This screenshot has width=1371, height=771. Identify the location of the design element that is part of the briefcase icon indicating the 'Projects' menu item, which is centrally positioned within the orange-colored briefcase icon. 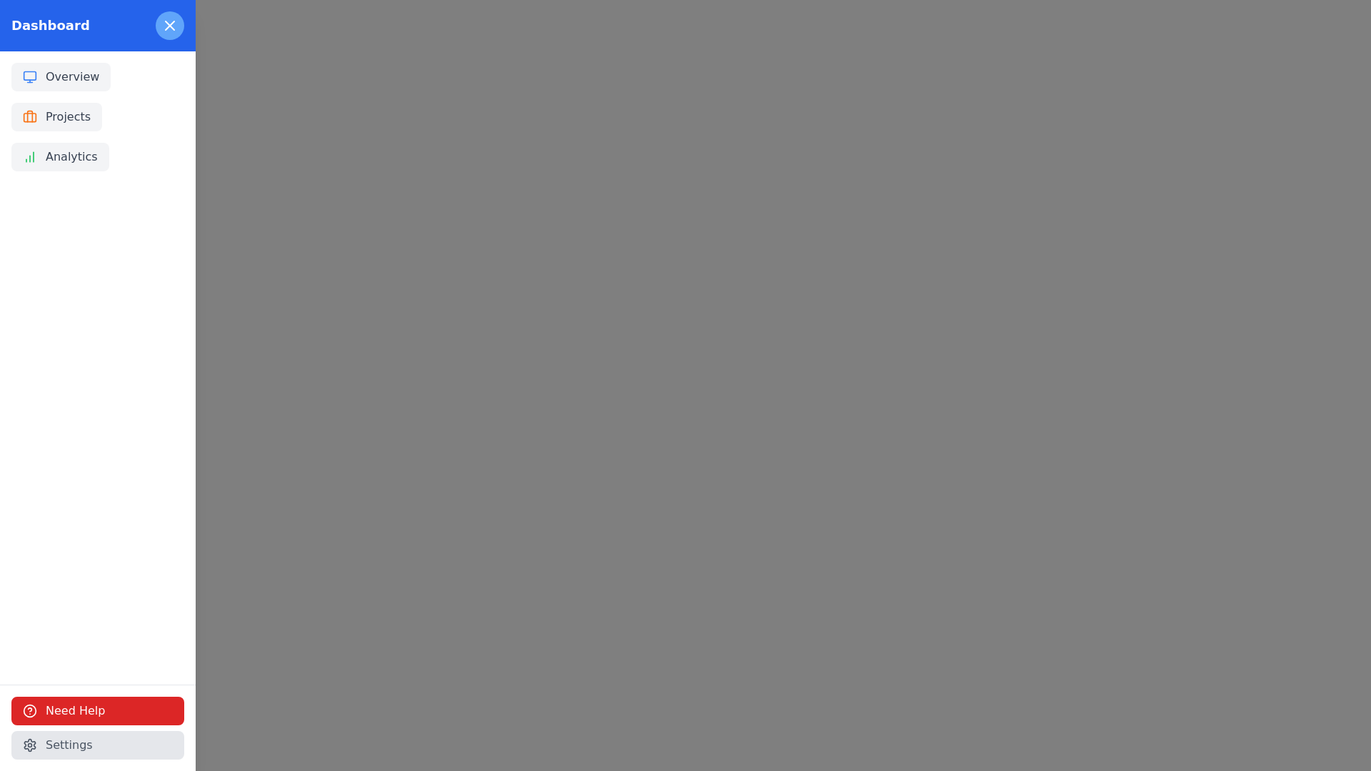
(30, 116).